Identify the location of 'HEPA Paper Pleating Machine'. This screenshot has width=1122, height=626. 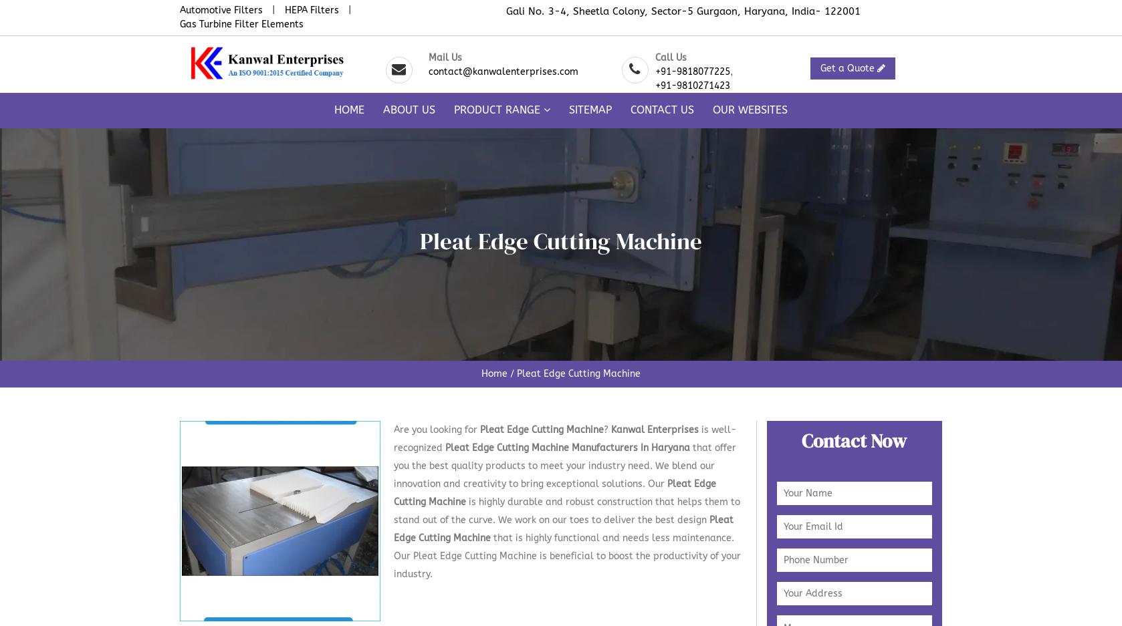
(740, 321).